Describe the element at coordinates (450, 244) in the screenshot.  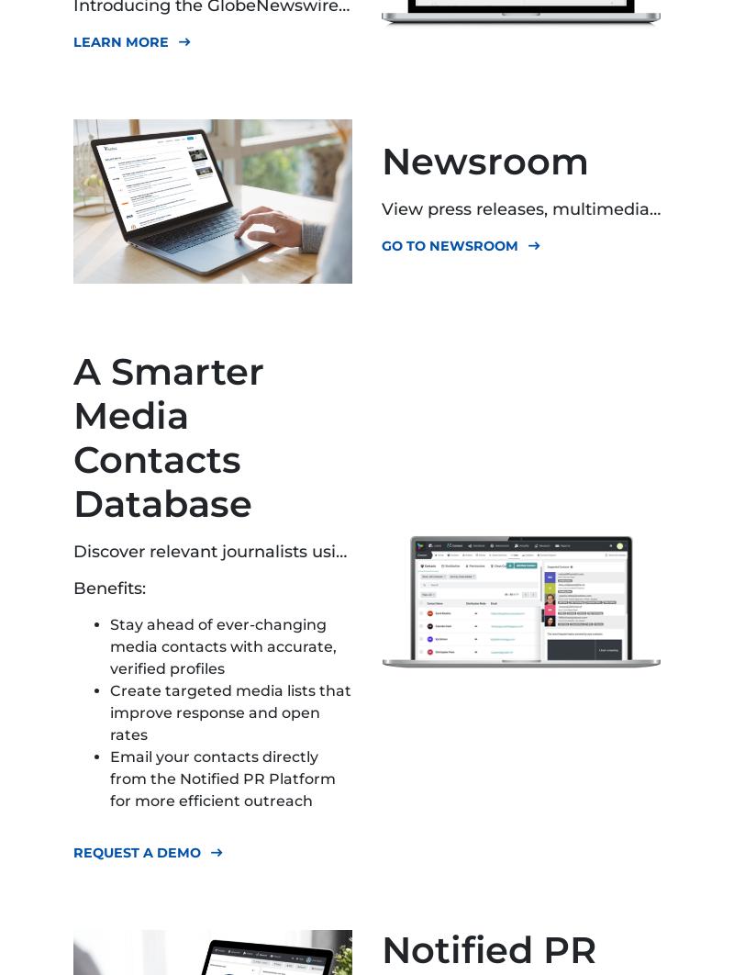
I see `'GO TO NEWSROOM'` at that location.